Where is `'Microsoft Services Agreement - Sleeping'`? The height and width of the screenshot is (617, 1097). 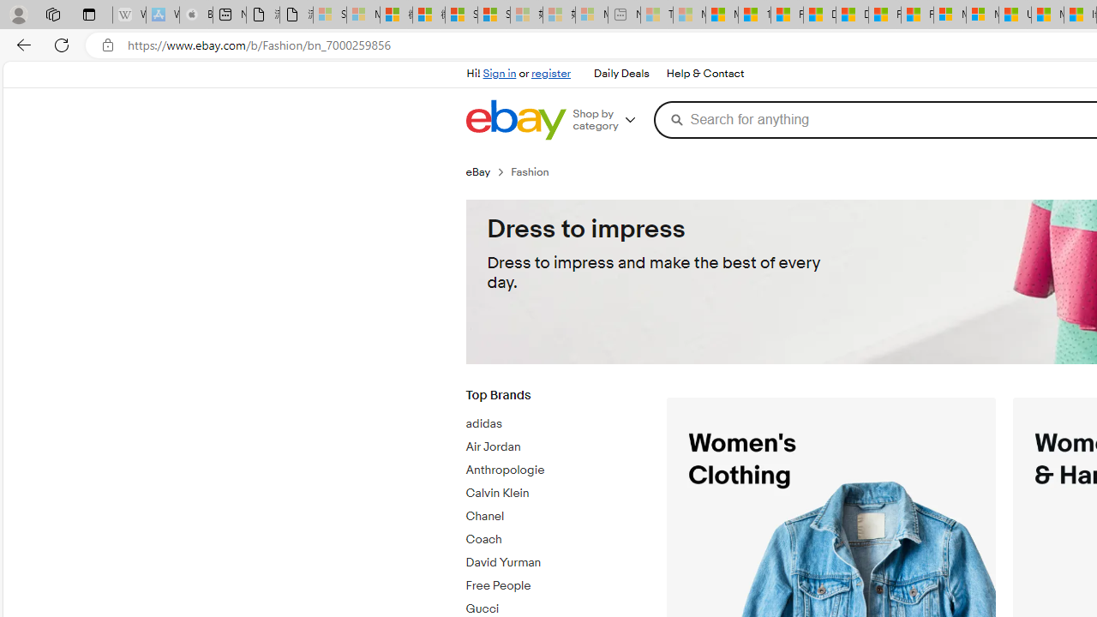
'Microsoft Services Agreement - Sleeping' is located at coordinates (362, 15).